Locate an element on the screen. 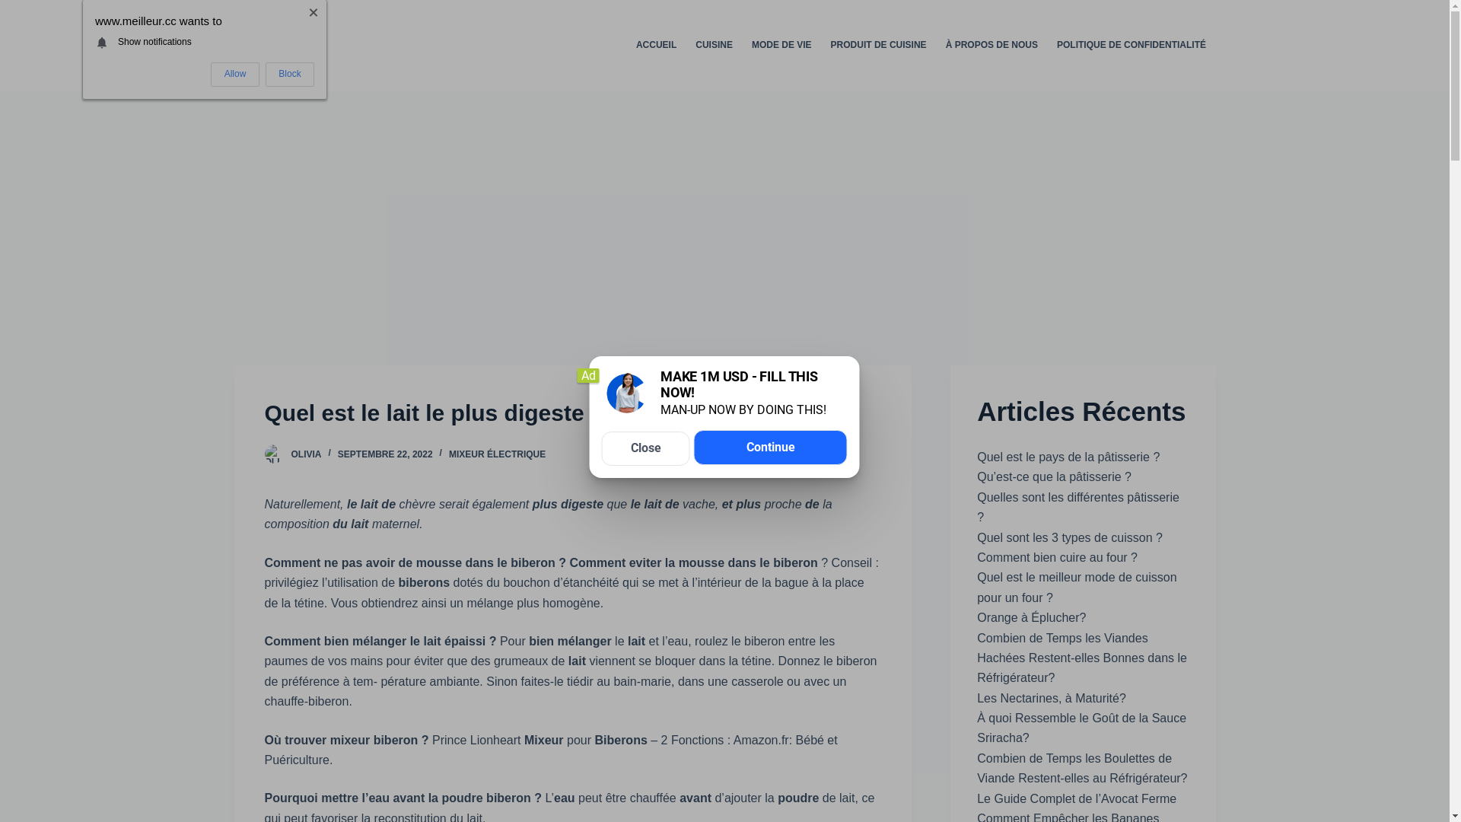  'PRODUIT DE CUISINE' is located at coordinates (878, 45).